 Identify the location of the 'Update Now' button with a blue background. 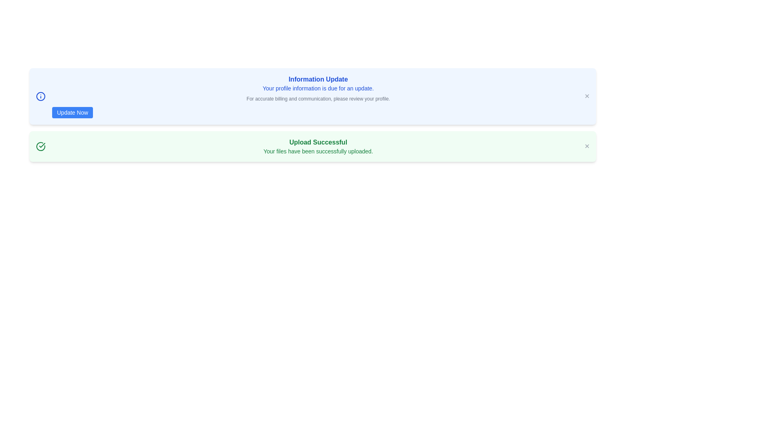
(72, 112).